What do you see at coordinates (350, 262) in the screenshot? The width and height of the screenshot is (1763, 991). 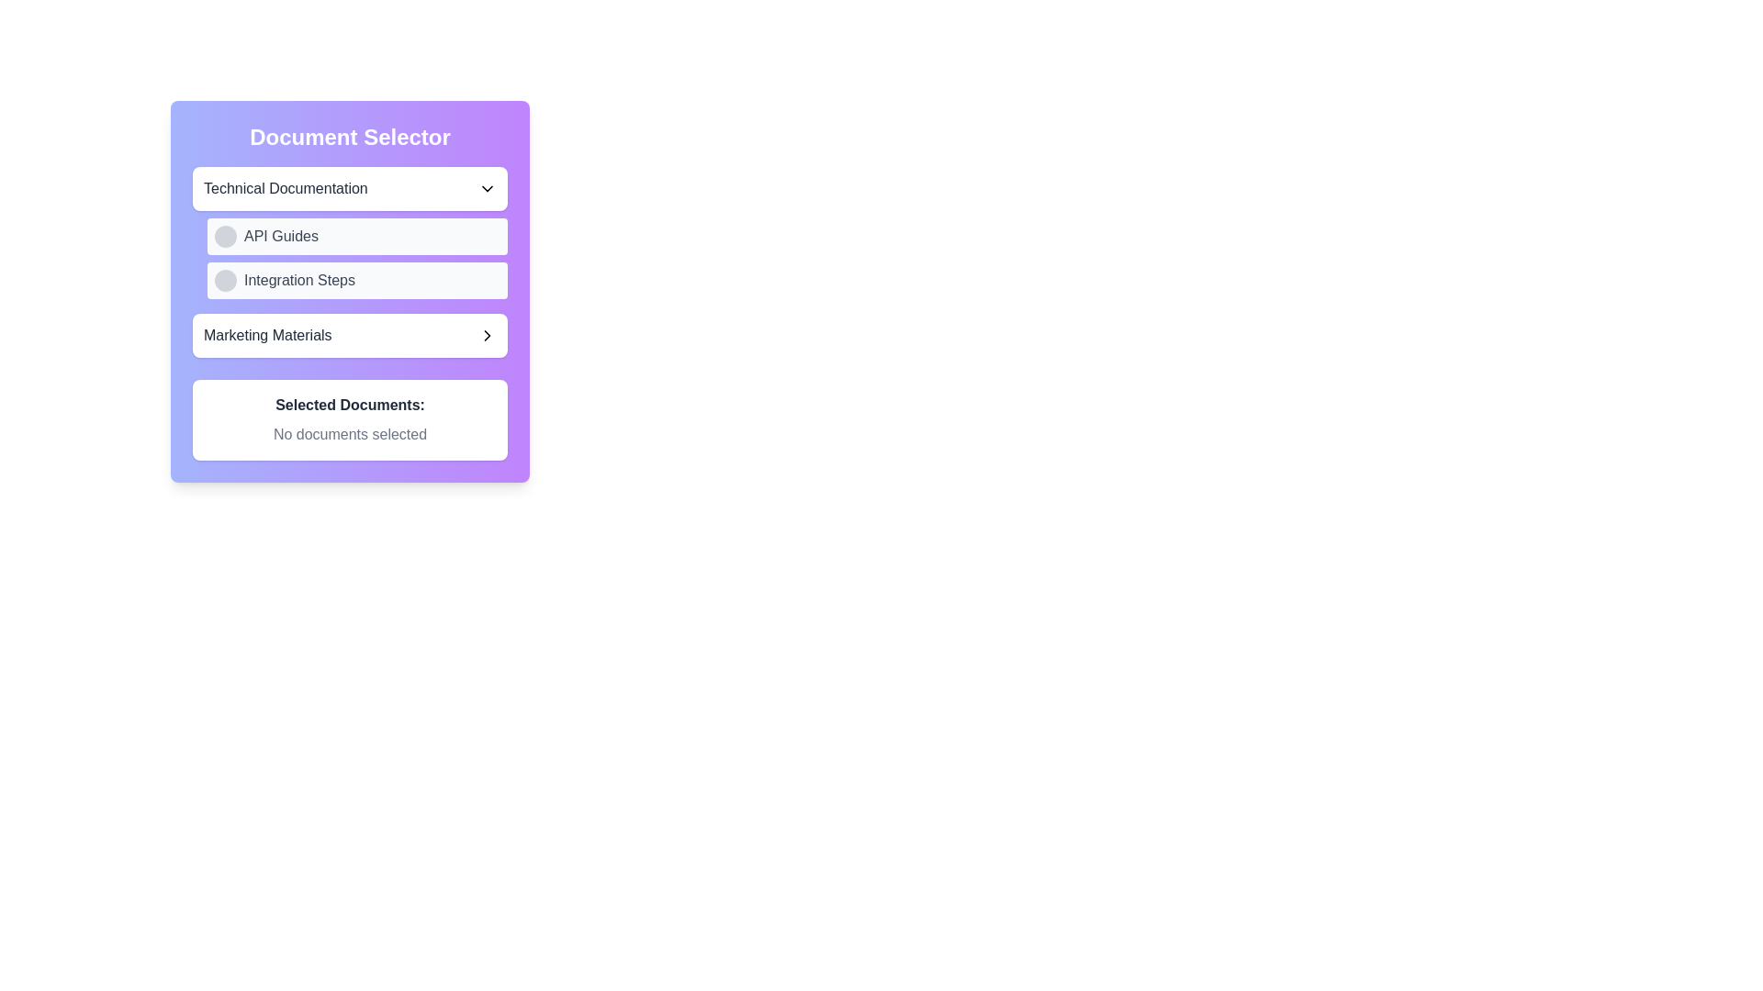 I see `the selectable list item labeled 'Integration Steps'` at bounding box center [350, 262].